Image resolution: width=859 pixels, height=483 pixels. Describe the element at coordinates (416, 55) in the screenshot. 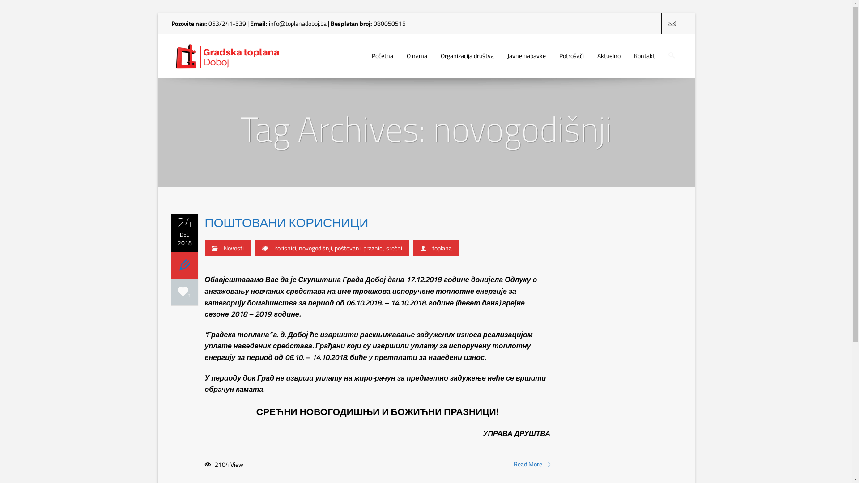

I see `'O nama'` at that location.